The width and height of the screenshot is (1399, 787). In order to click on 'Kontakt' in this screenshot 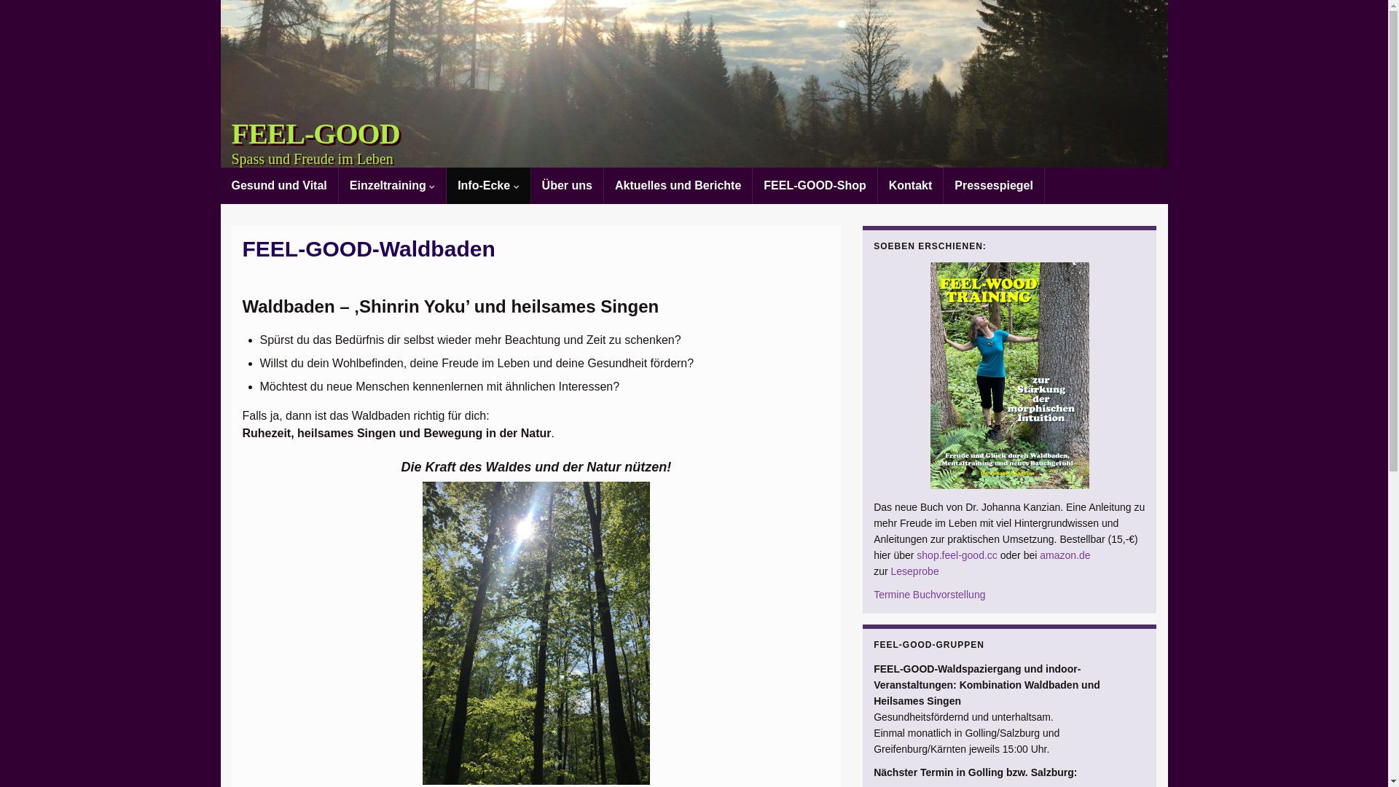, I will do `click(909, 184)`.